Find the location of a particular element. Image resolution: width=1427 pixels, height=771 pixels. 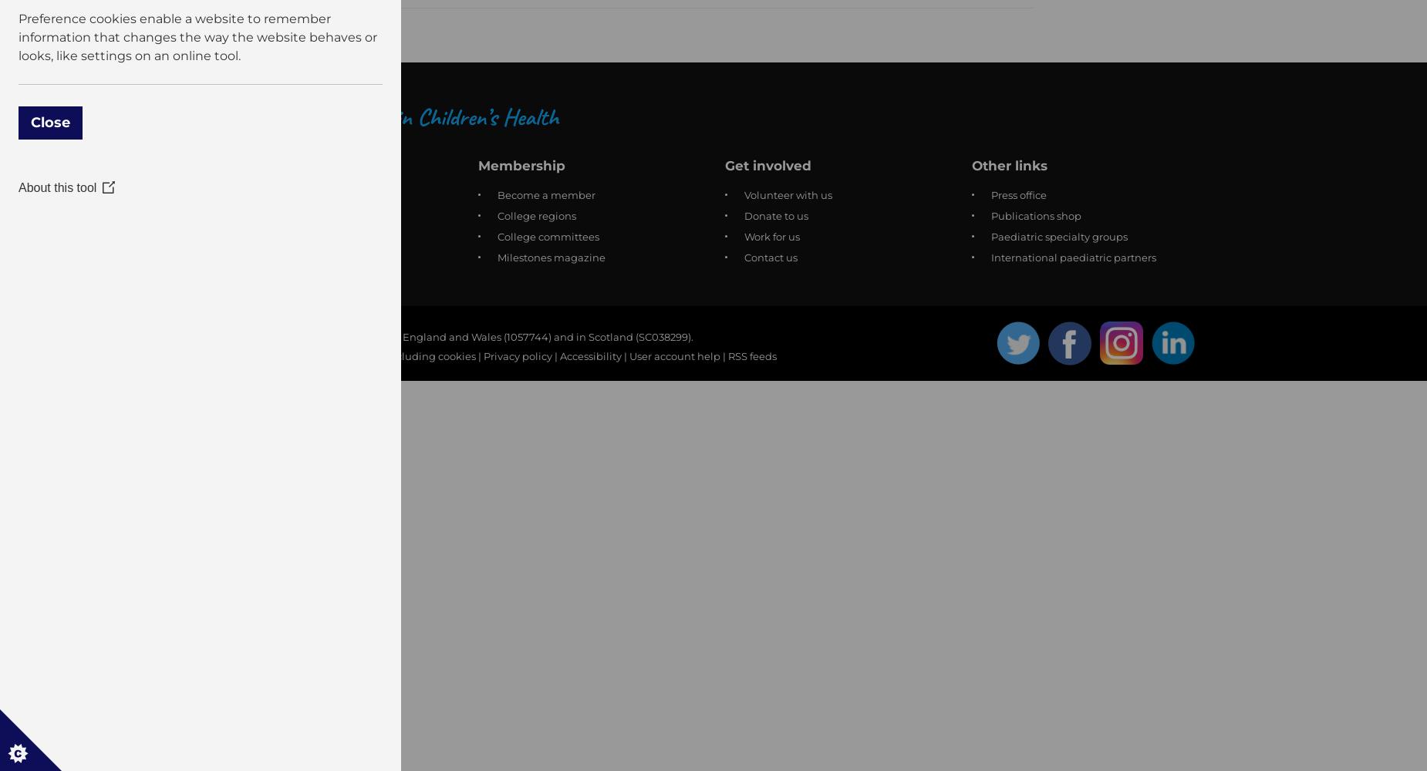

'Milestones magazine' is located at coordinates (552, 256).